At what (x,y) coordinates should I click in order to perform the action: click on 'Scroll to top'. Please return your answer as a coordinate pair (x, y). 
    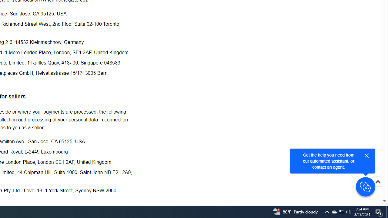
    Looking at the image, I should click on (377, 188).